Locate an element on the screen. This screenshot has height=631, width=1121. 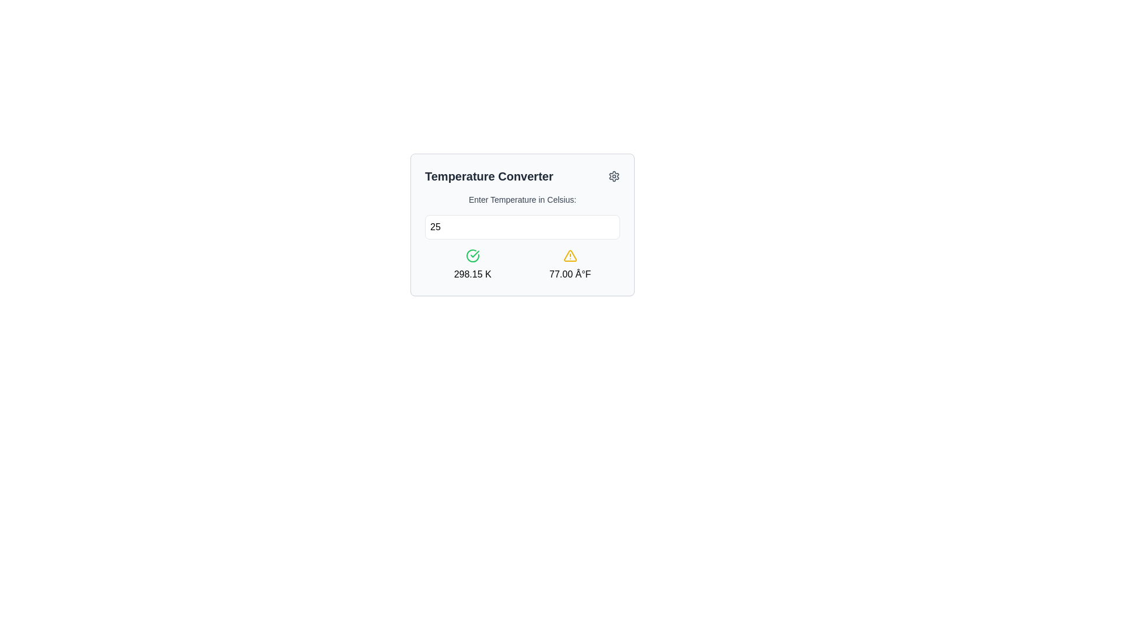
the Label displaying '298.15 K', which is positioned below the checkmark and warning icons in the temperature conversion display area is located at coordinates (472, 275).